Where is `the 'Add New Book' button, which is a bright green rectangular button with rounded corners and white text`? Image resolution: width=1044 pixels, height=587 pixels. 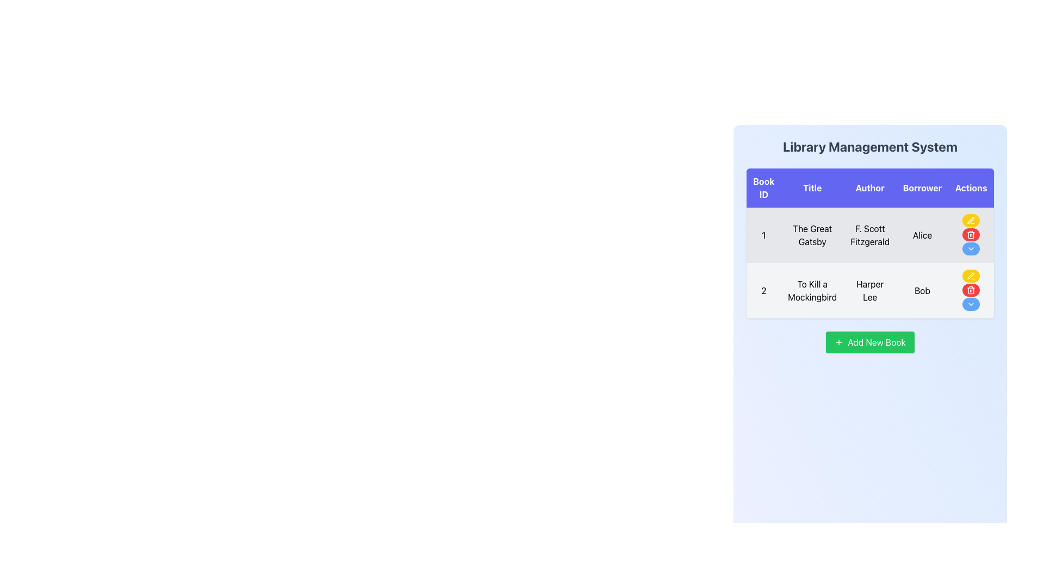
the 'Add New Book' button, which is a bright green rectangular button with rounded corners and white text is located at coordinates (870, 341).